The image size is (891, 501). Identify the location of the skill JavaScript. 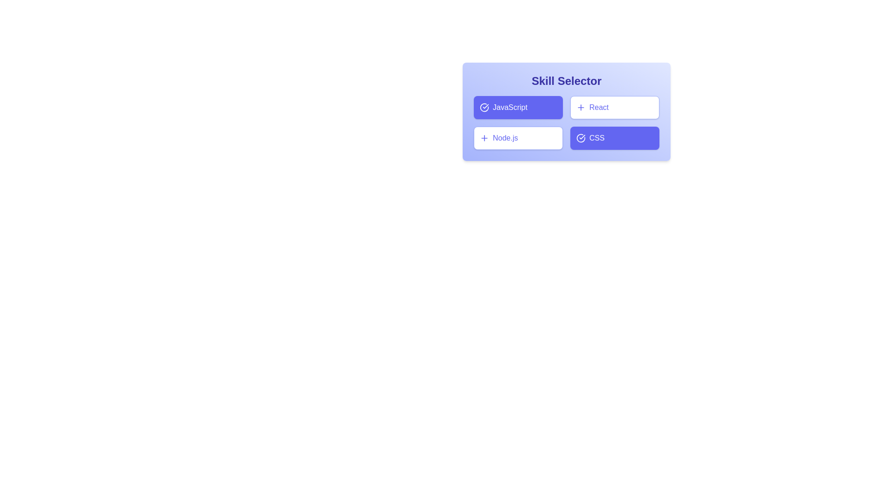
(518, 107).